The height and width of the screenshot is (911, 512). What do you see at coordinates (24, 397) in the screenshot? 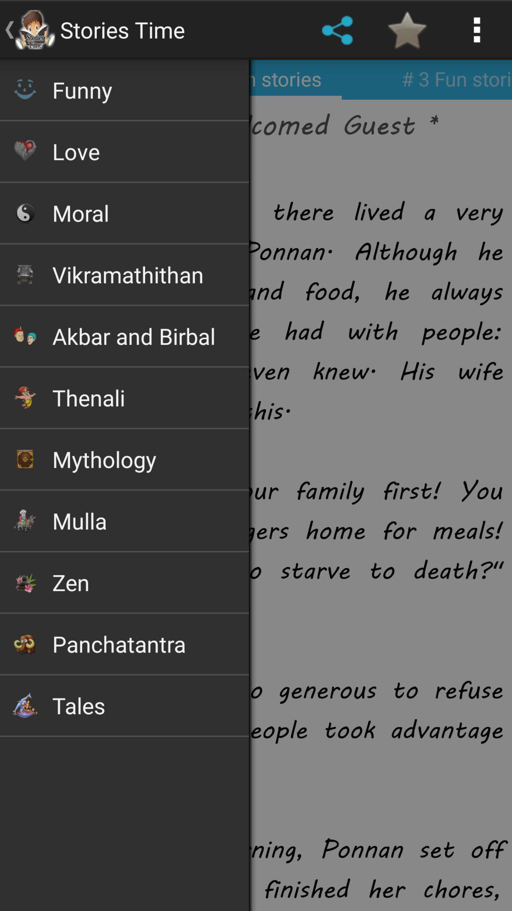
I see `image left to thenali` at bounding box center [24, 397].